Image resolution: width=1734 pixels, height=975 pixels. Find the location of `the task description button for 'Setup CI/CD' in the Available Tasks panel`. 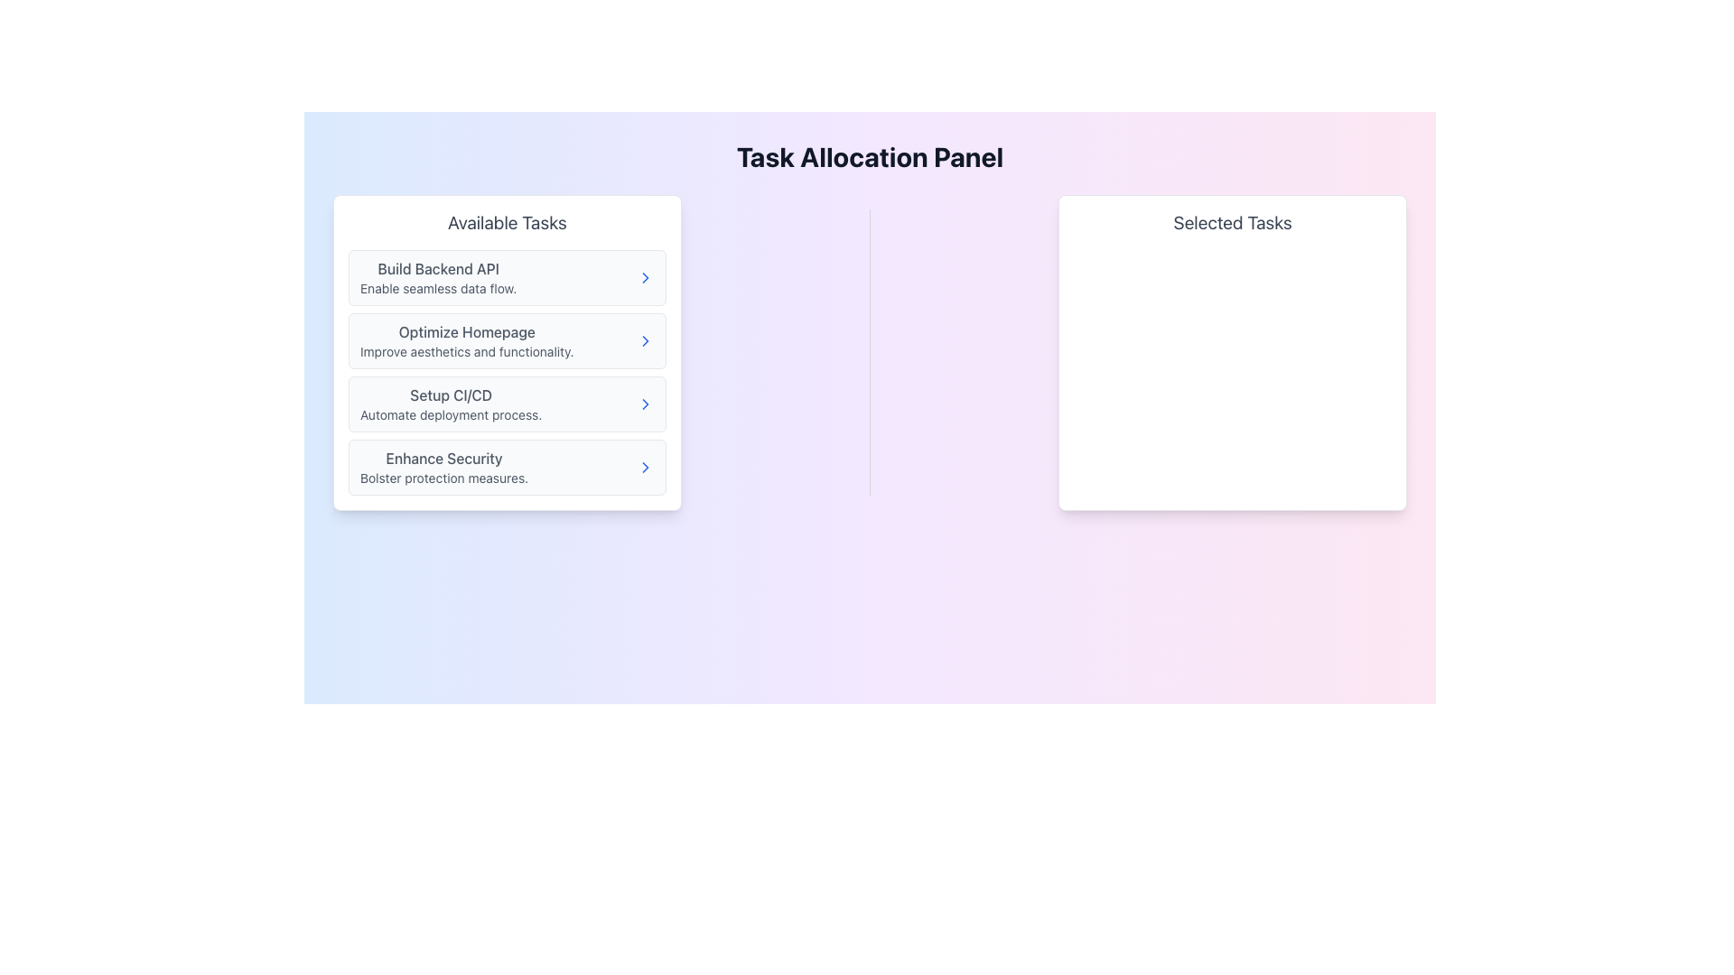

the task description button for 'Setup CI/CD' in the Available Tasks panel is located at coordinates (506, 403).